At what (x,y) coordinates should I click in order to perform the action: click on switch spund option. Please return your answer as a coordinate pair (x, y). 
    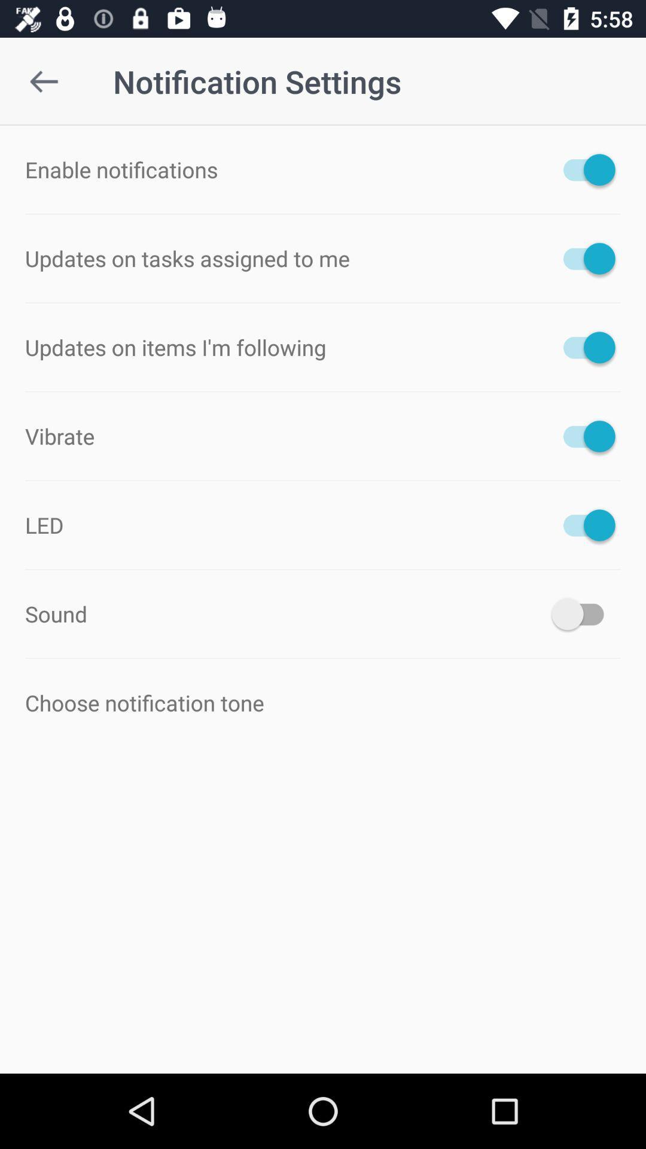
    Looking at the image, I should click on (583, 614).